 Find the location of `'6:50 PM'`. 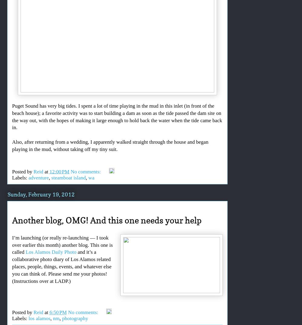

'6:50 PM' is located at coordinates (57, 312).